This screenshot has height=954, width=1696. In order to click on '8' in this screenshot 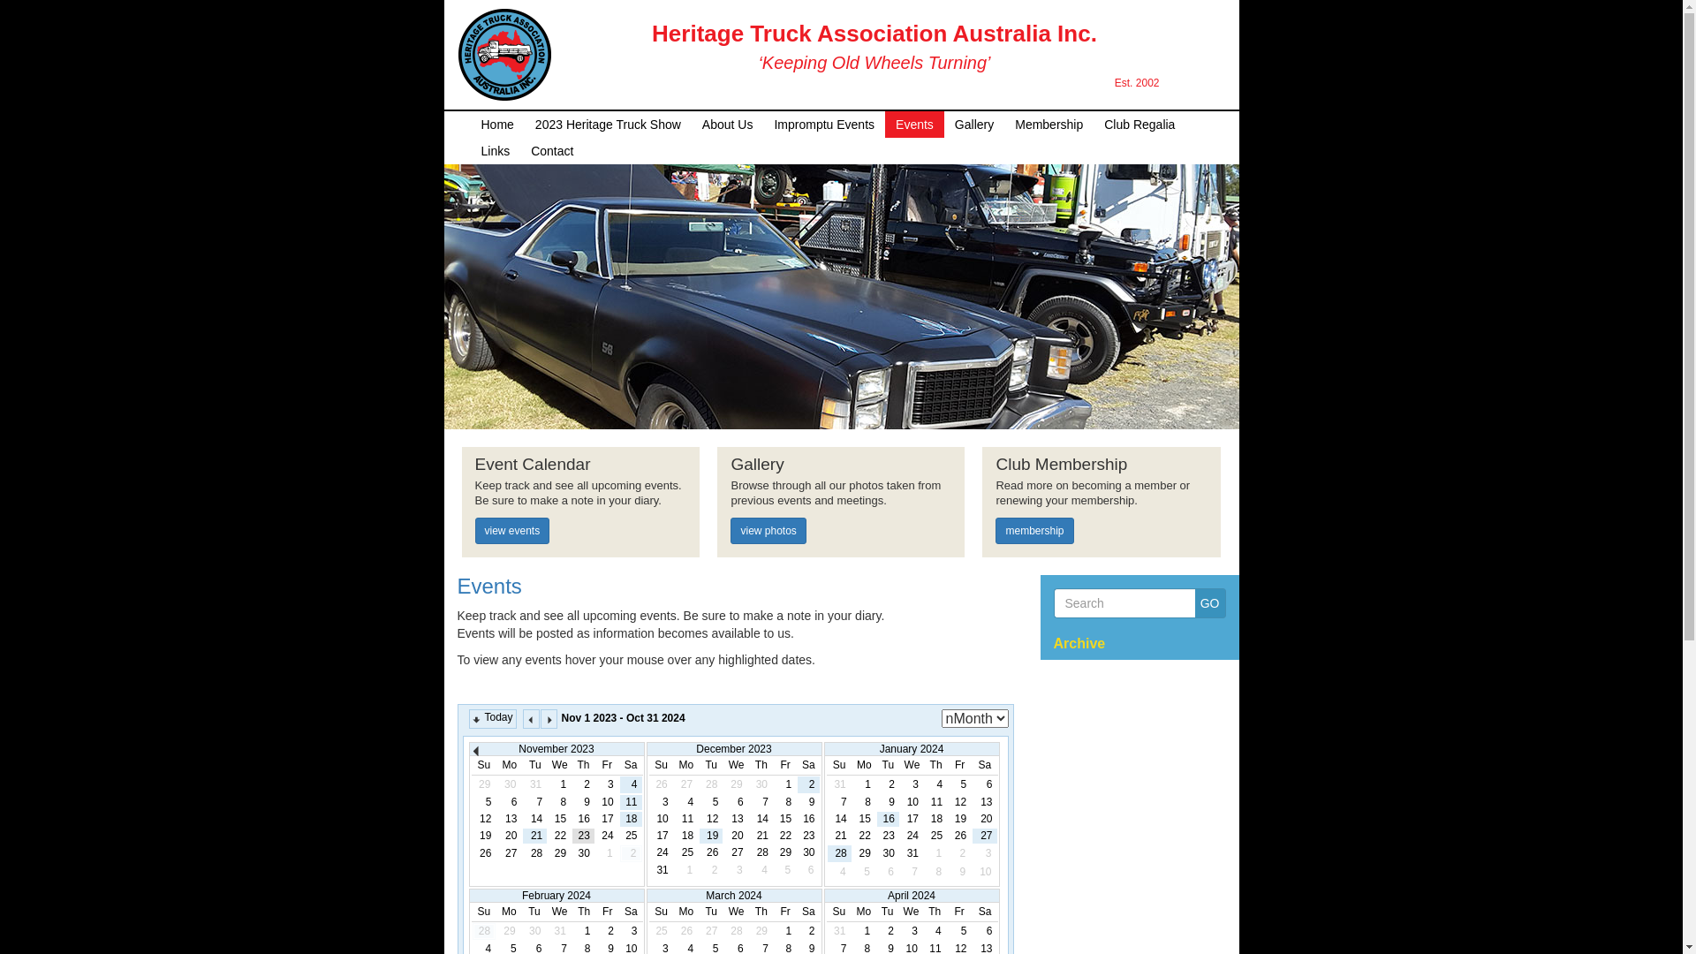, I will do `click(558, 802)`.